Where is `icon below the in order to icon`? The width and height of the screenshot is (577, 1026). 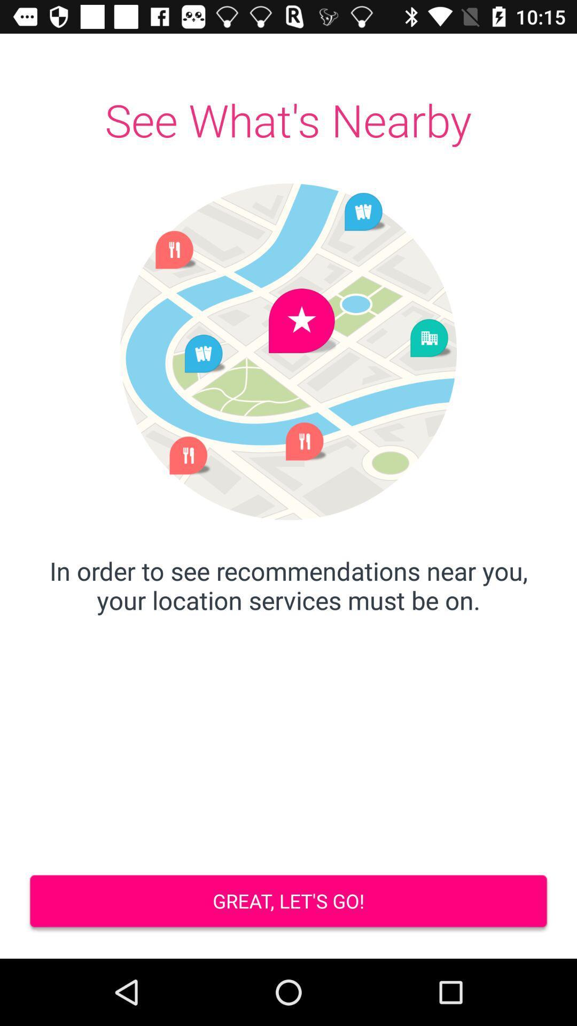 icon below the in order to icon is located at coordinates (288, 902).